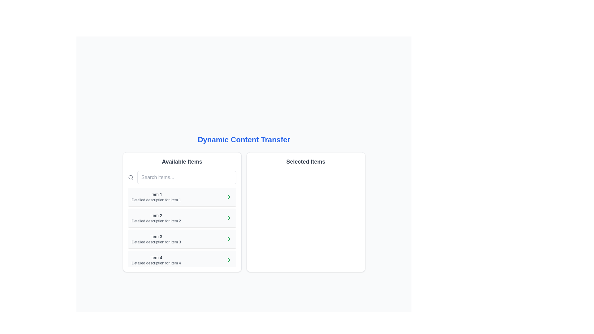 The image size is (594, 334). What do you see at coordinates (156, 238) in the screenshot?
I see `the text block containing the title 'Item 3' and subtitle 'Detailed description for Item 3' within the 'Available Items' scrollable panel` at bounding box center [156, 238].